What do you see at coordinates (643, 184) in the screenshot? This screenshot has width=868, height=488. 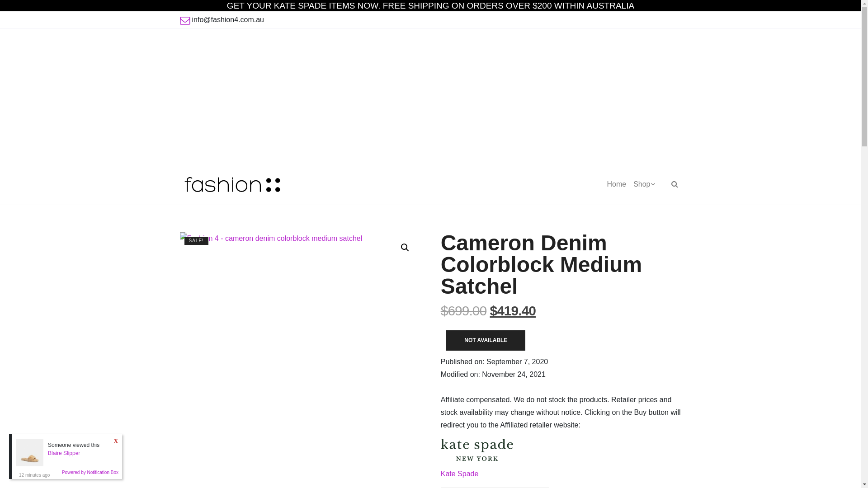 I see `'Shop'` at bounding box center [643, 184].